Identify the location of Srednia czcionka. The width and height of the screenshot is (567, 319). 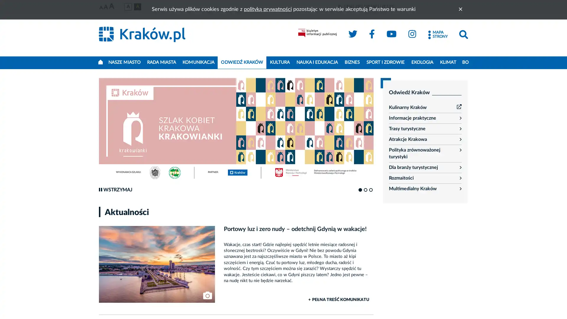
(106, 7).